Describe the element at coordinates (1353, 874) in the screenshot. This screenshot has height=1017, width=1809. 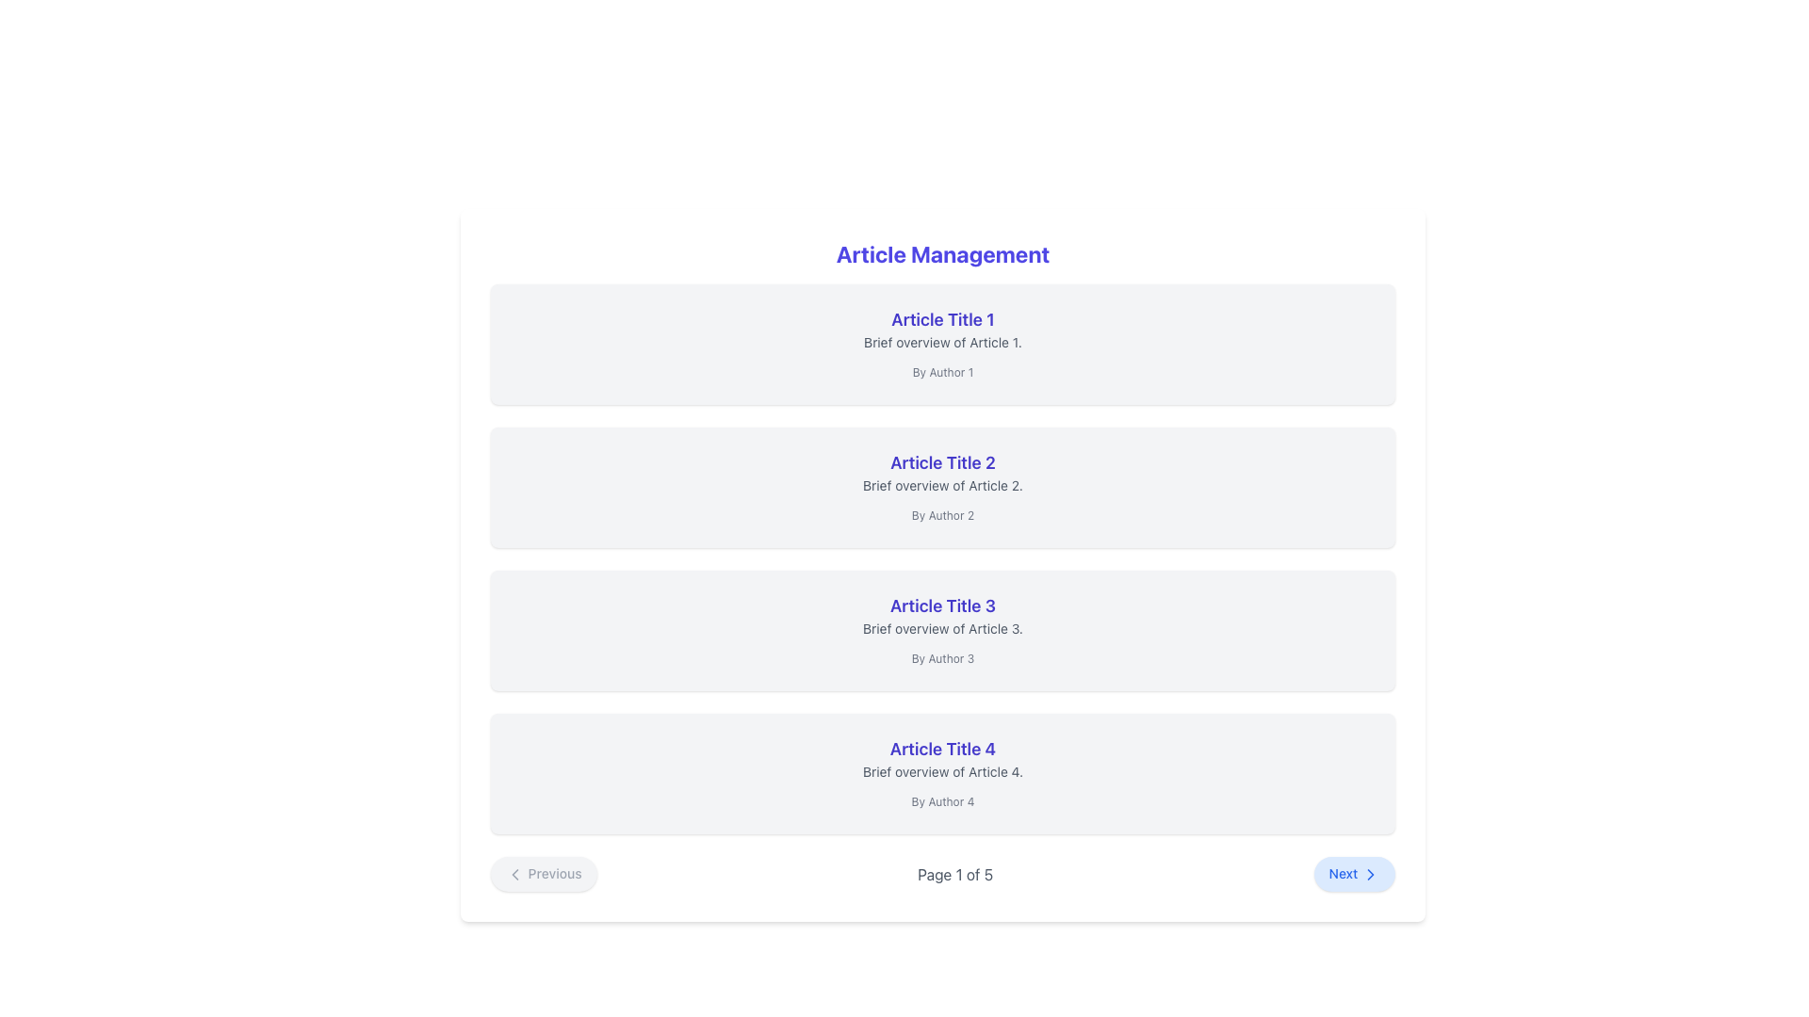
I see `the 'Next' button, which is the last button in a set of pagination controls, to trigger hover effects` at that location.